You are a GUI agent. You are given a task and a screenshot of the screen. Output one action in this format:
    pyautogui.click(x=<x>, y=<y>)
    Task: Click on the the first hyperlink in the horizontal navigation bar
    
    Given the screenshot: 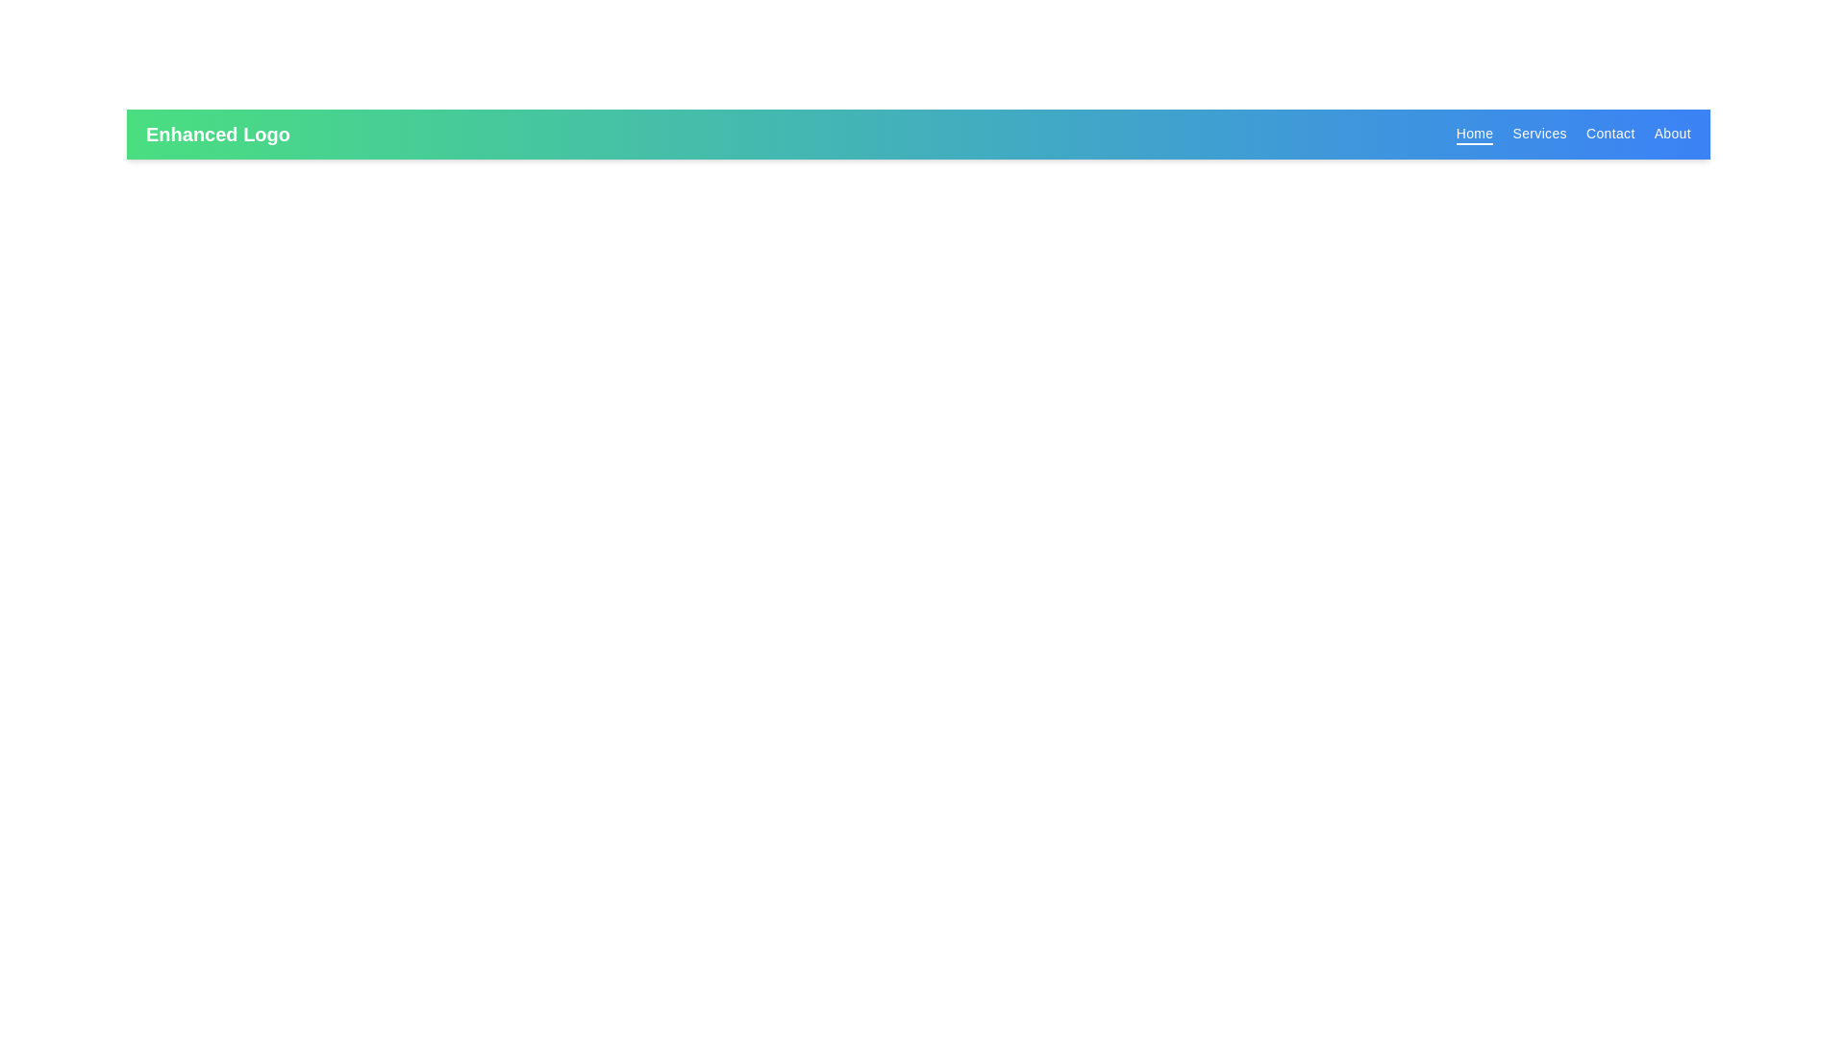 What is the action you would take?
    pyautogui.click(x=1474, y=133)
    